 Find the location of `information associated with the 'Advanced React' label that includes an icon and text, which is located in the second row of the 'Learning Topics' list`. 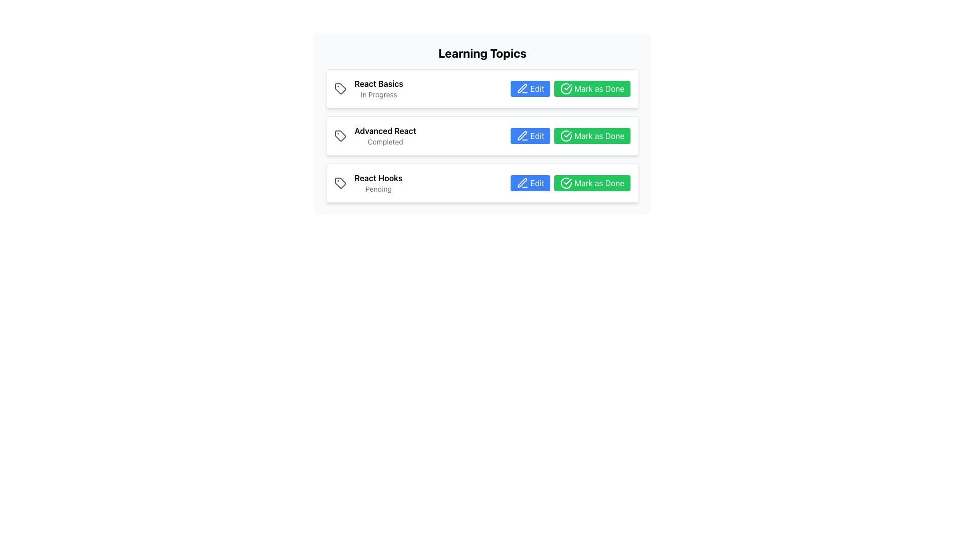

information associated with the 'Advanced React' label that includes an icon and text, which is located in the second row of the 'Learning Topics' list is located at coordinates (375, 135).